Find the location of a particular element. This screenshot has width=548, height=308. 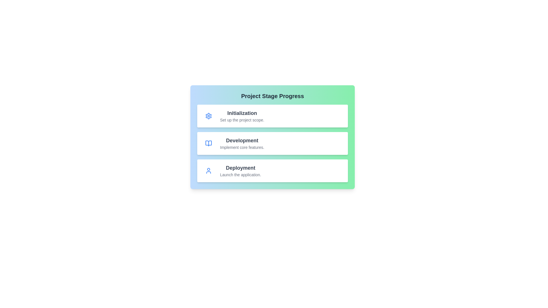

the settings icon representing the 'Initialization' step in the 'Project Stage Progress' section, located in the top-left portion of the row is located at coordinates (208, 116).